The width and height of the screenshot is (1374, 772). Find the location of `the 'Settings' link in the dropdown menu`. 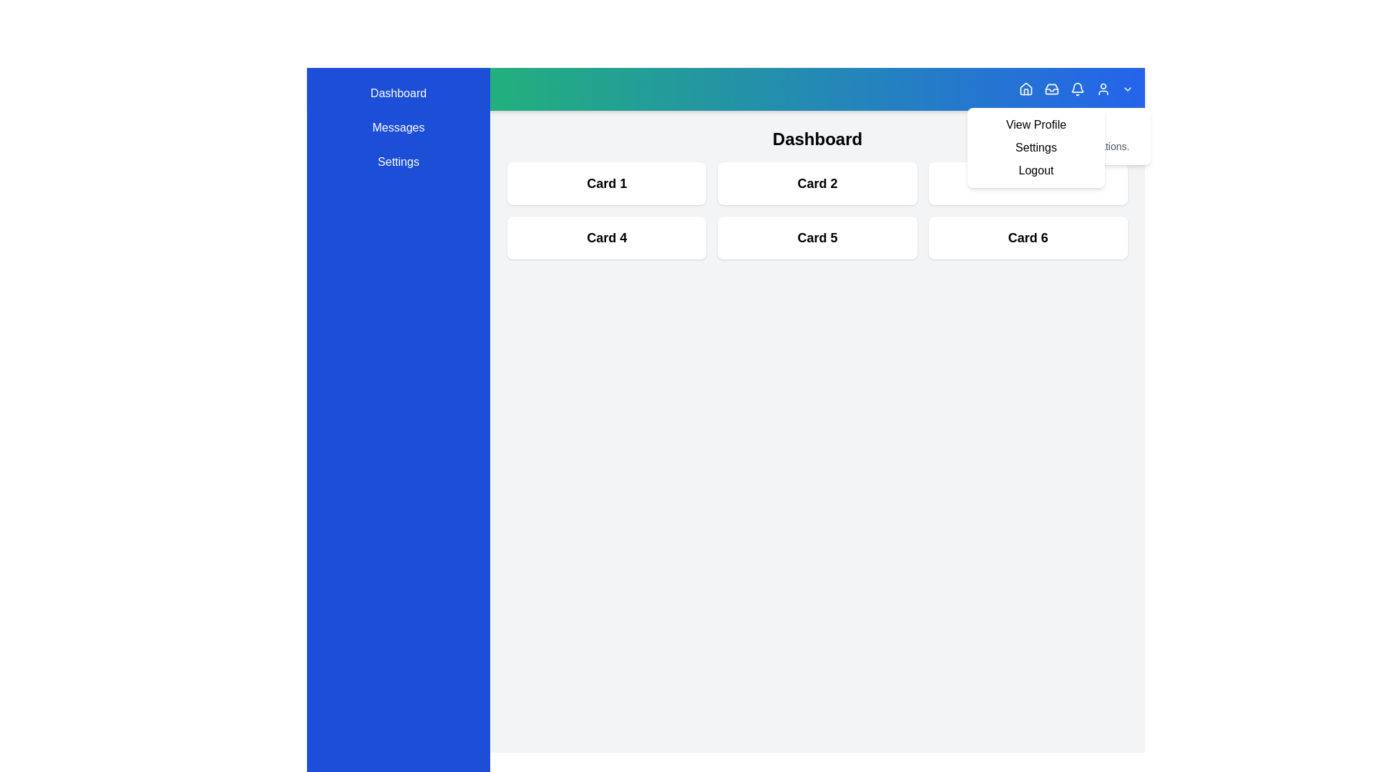

the 'Settings' link in the dropdown menu is located at coordinates (1036, 148).